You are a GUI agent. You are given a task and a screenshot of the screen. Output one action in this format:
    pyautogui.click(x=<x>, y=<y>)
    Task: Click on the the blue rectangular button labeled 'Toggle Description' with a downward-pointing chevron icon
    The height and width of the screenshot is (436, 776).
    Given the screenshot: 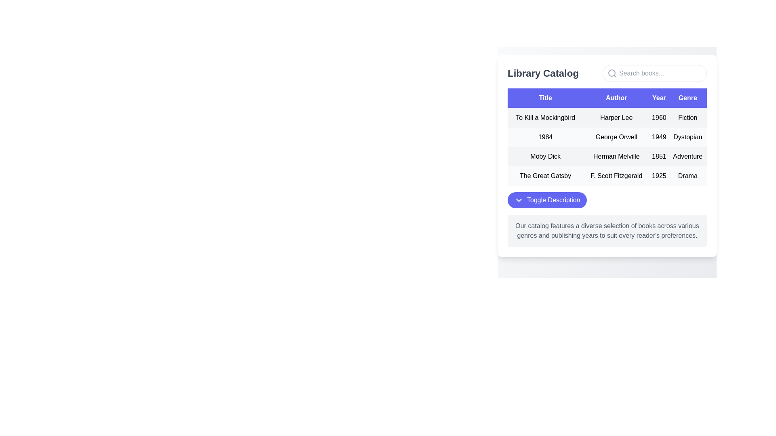 What is the action you would take?
    pyautogui.click(x=547, y=200)
    